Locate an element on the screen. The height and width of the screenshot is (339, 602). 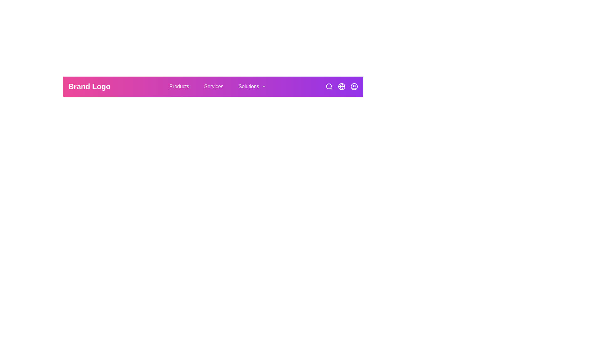
the globe icon is located at coordinates (341, 87).